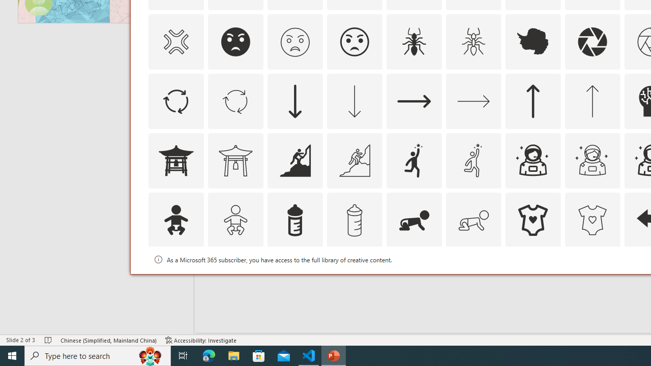 This screenshot has height=366, width=651. I want to click on 'AutomationID: Icons_BabyOnesie', so click(532, 219).